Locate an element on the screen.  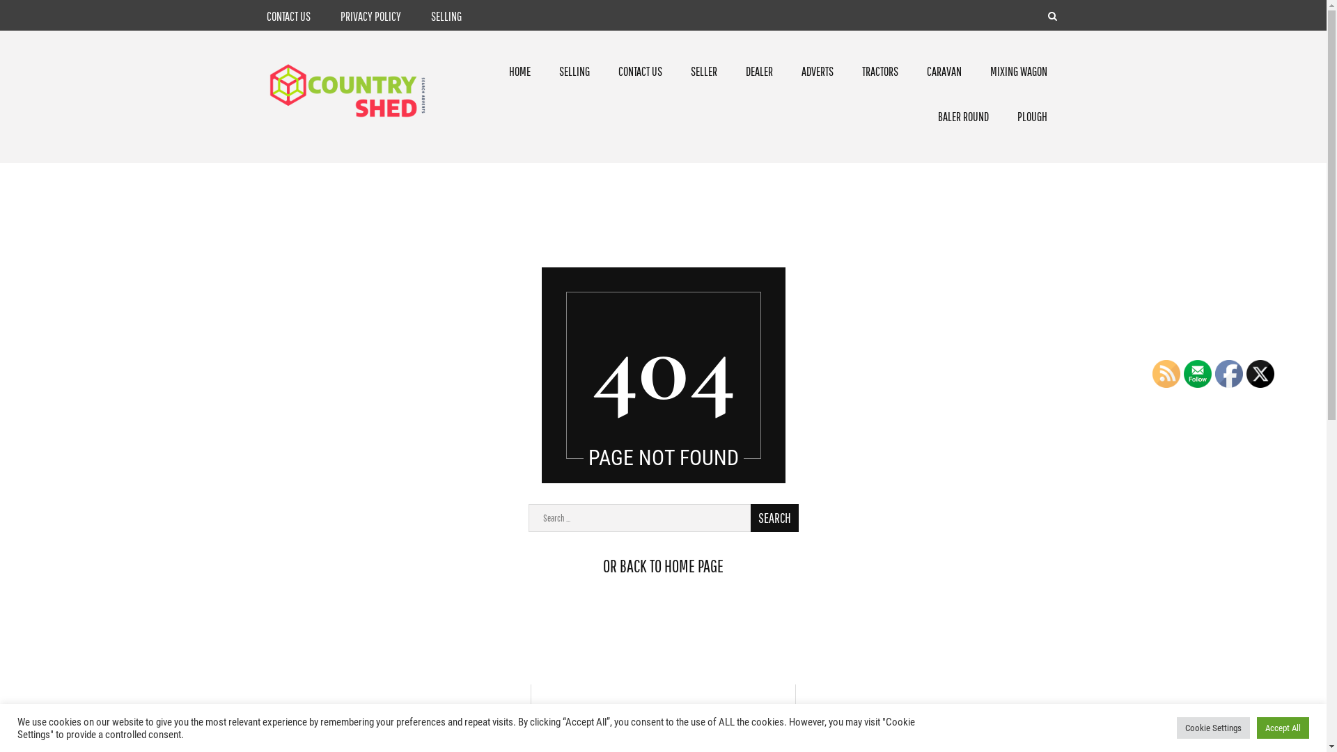
'RSS' is located at coordinates (1166, 373).